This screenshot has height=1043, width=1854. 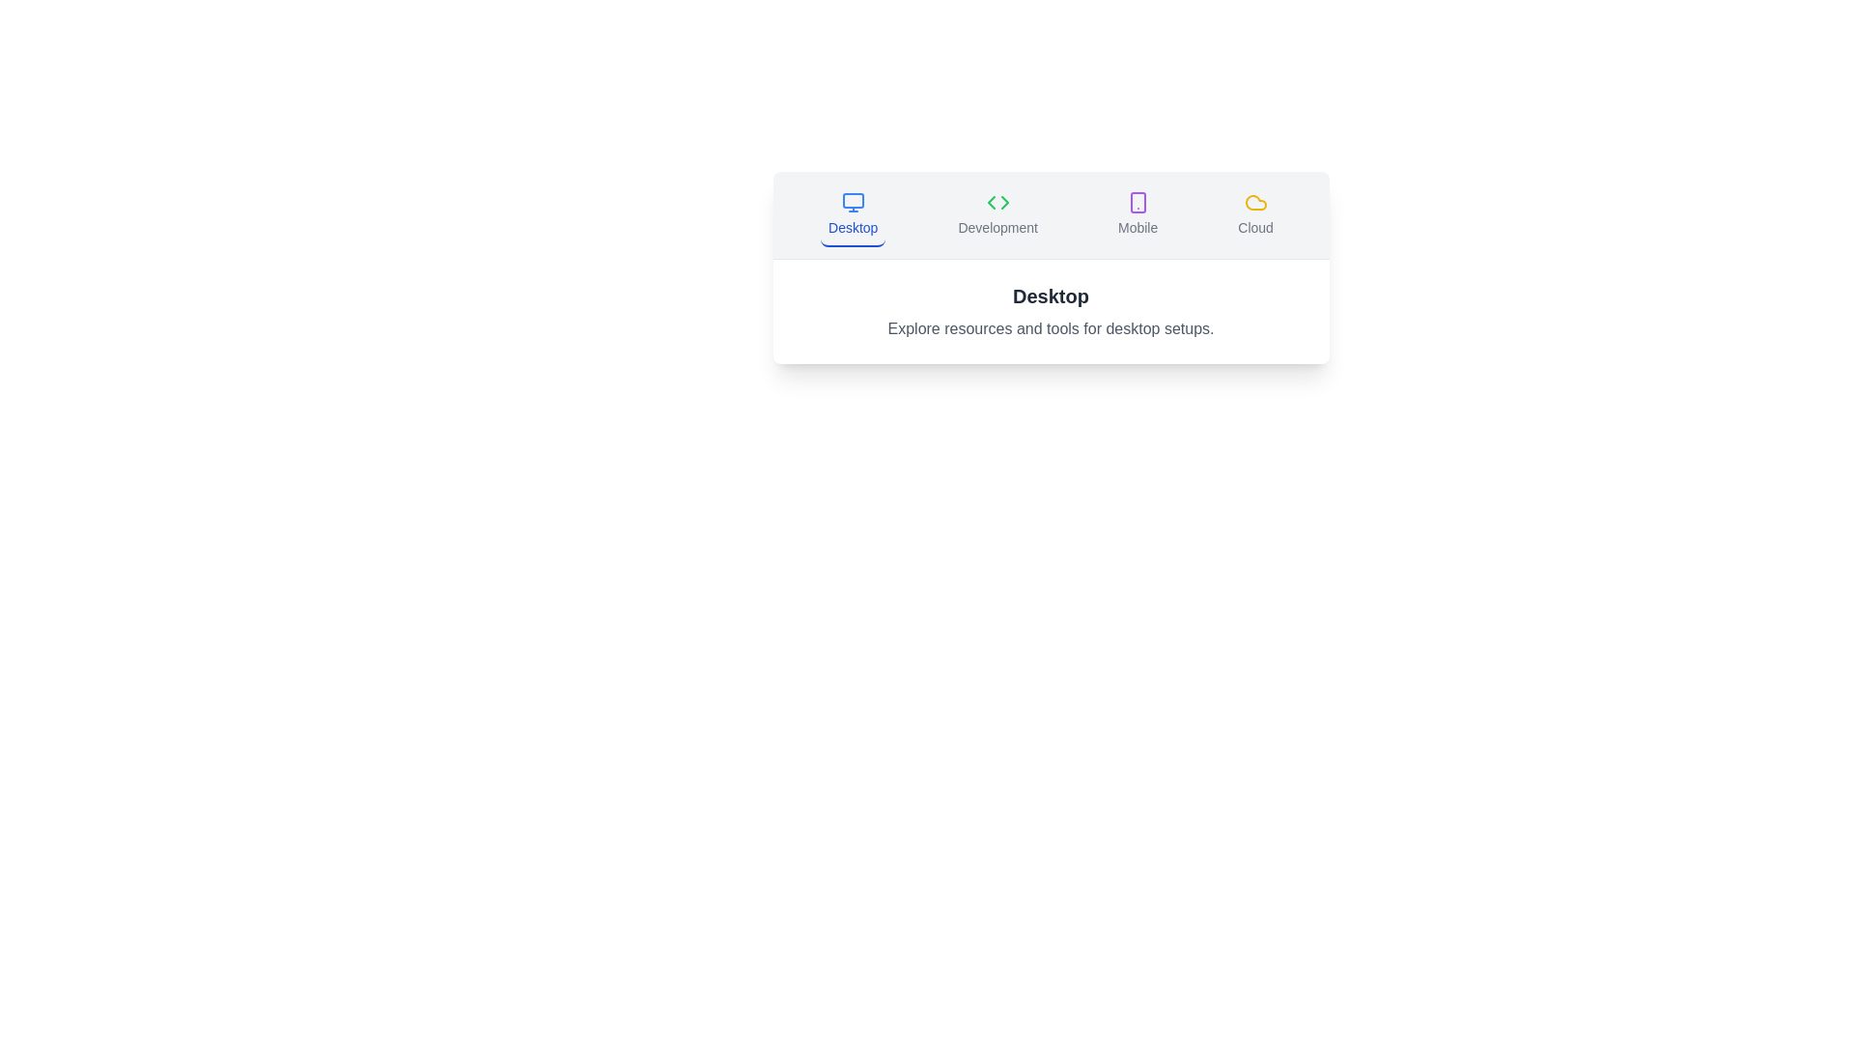 What do you see at coordinates (852, 215) in the screenshot?
I see `the tab button labeled Desktop to switch to the corresponding tab` at bounding box center [852, 215].